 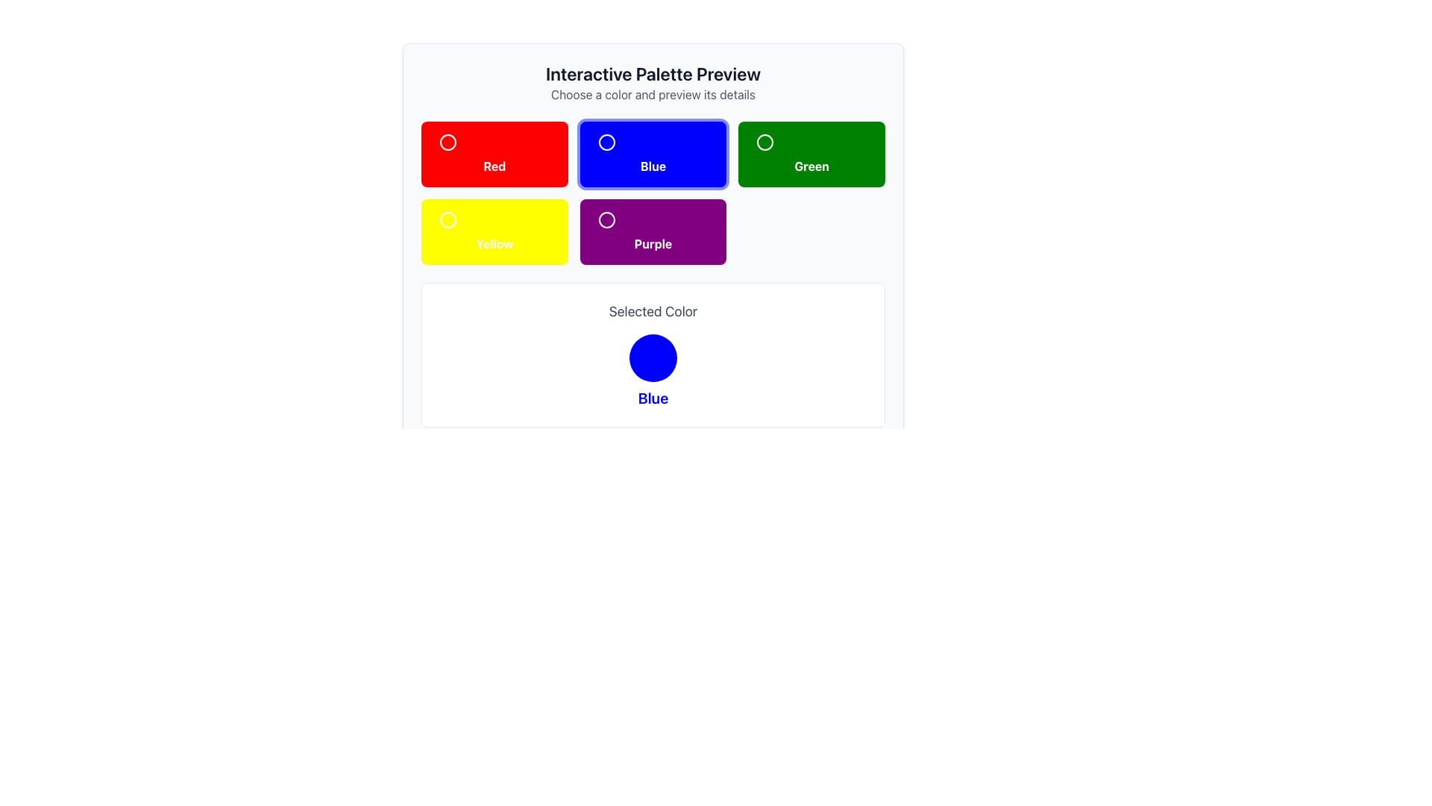 What do you see at coordinates (653, 95) in the screenshot?
I see `static text label located in the header section, which provides instructions on selecting a color for the Interactive Palette Preview` at bounding box center [653, 95].